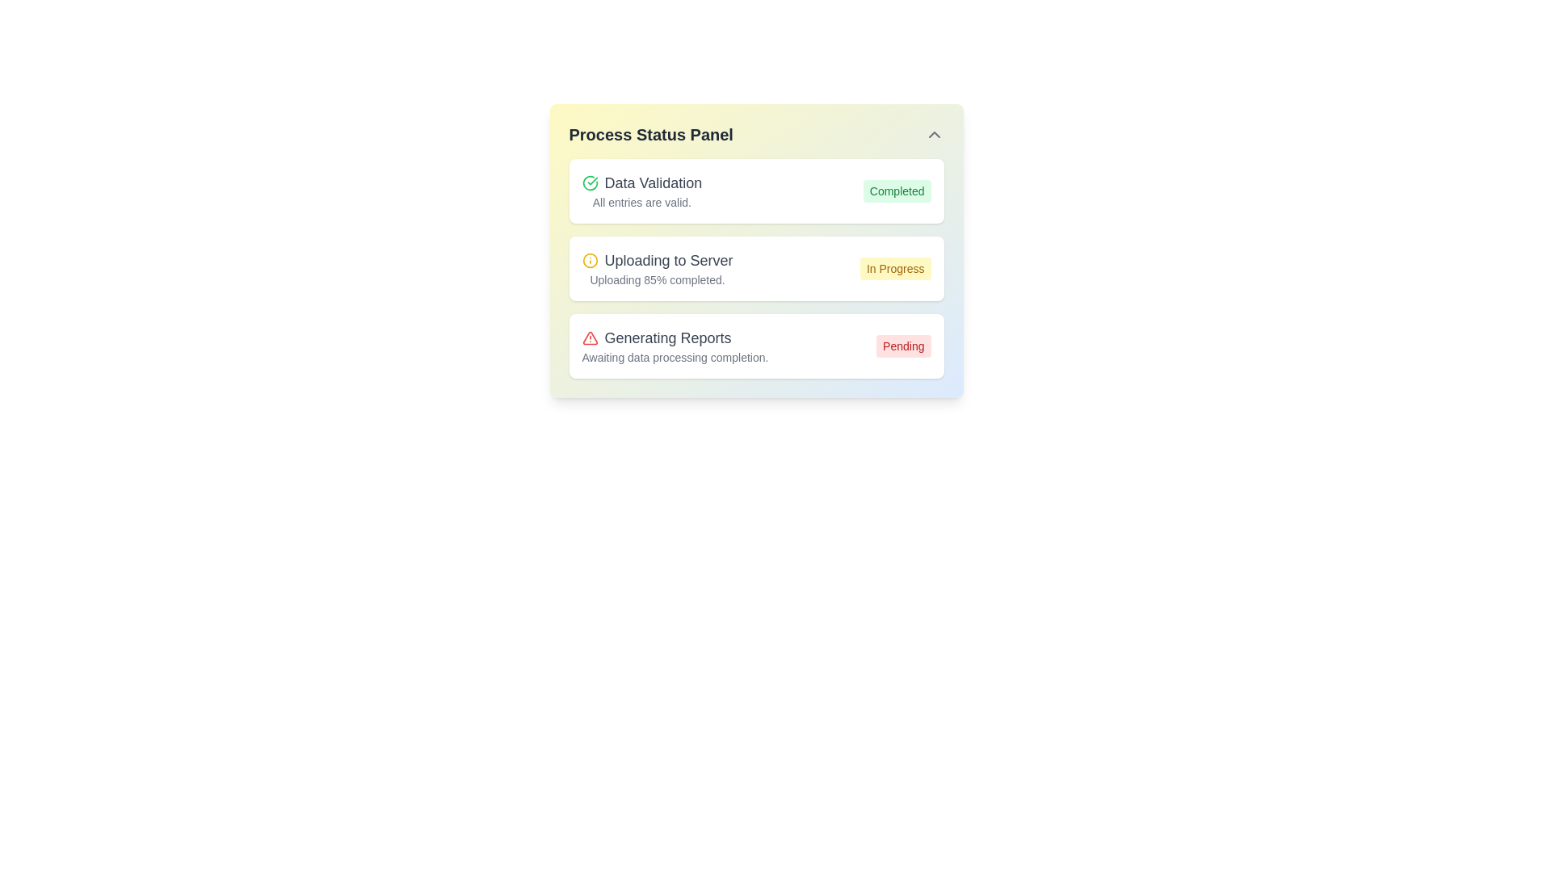  Describe the element at coordinates (755, 251) in the screenshot. I see `the A status display card in the Process Status Panel` at that location.